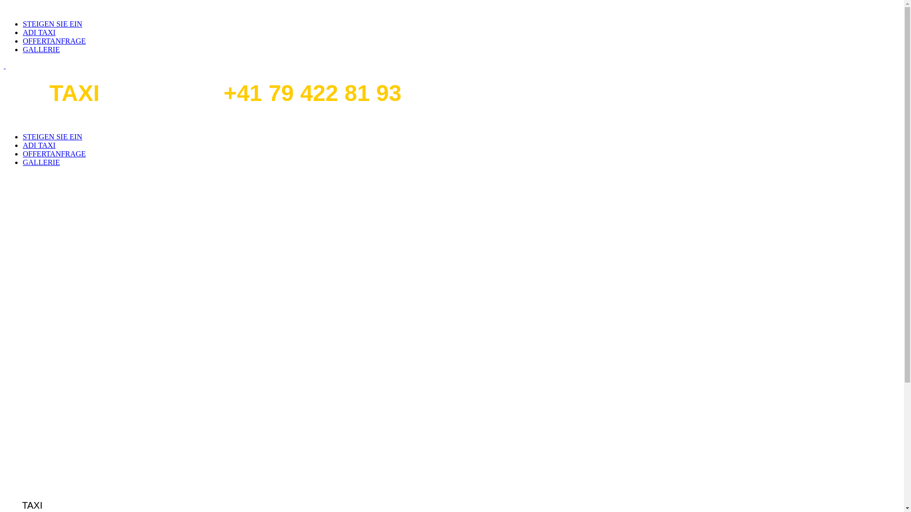 The height and width of the screenshot is (512, 911). Describe the element at coordinates (52, 23) in the screenshot. I see `'STEIGEN SIE EIN'` at that location.